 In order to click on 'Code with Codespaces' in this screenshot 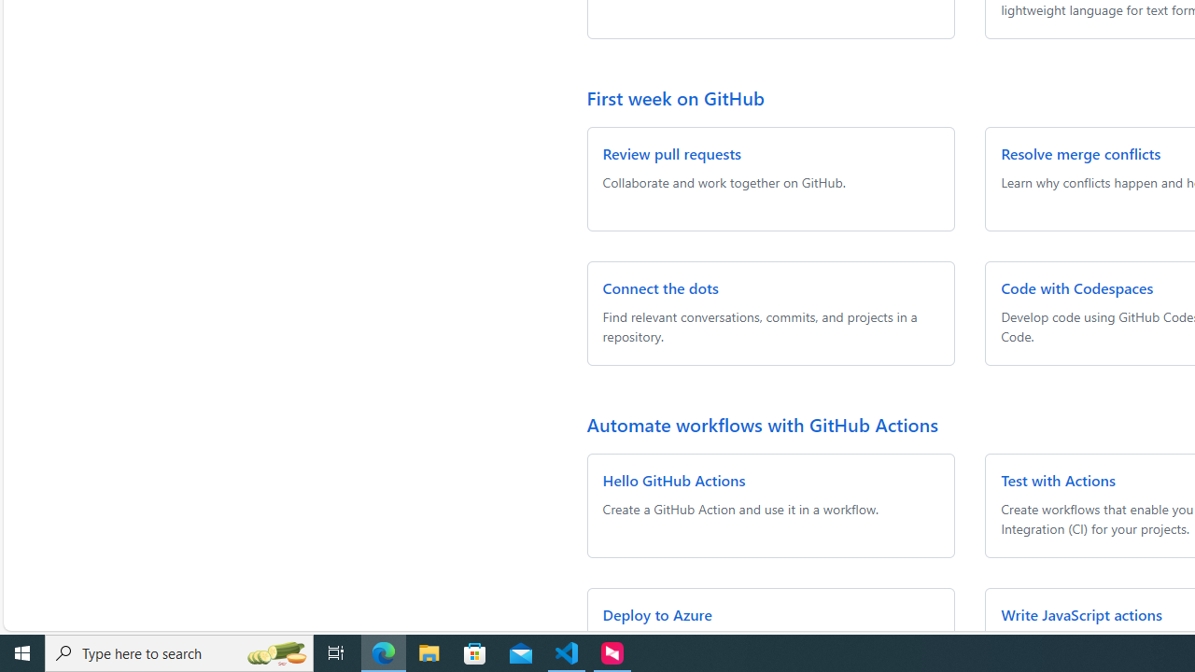, I will do `click(1077, 287)`.